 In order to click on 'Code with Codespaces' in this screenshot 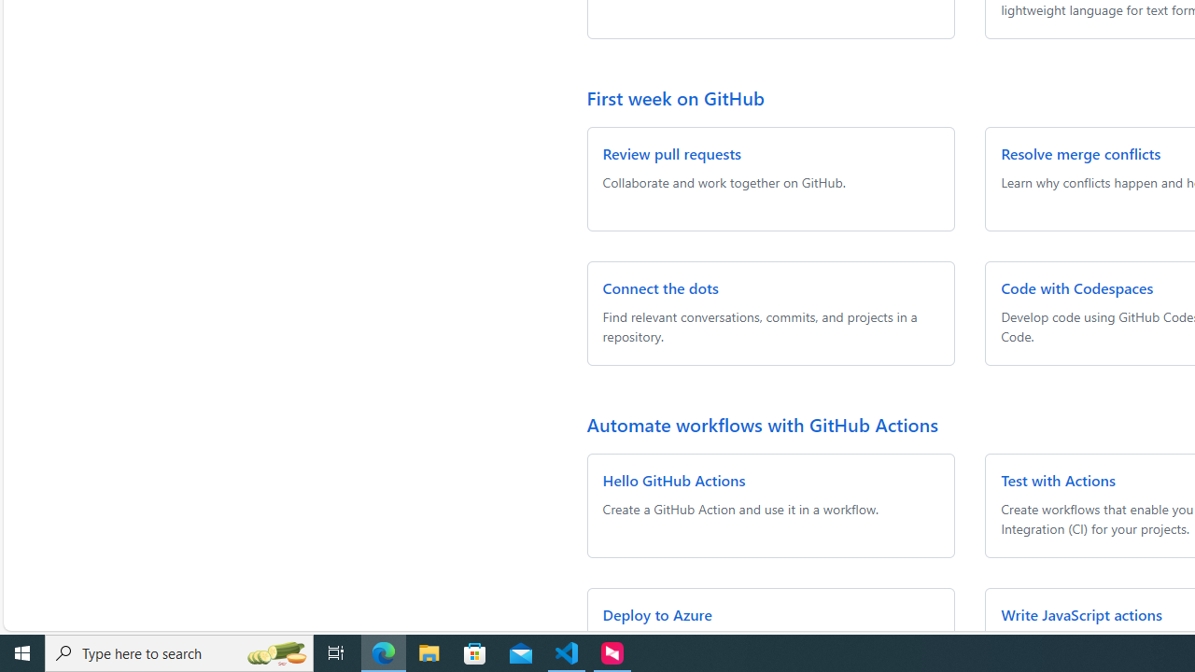, I will do `click(1077, 287)`.